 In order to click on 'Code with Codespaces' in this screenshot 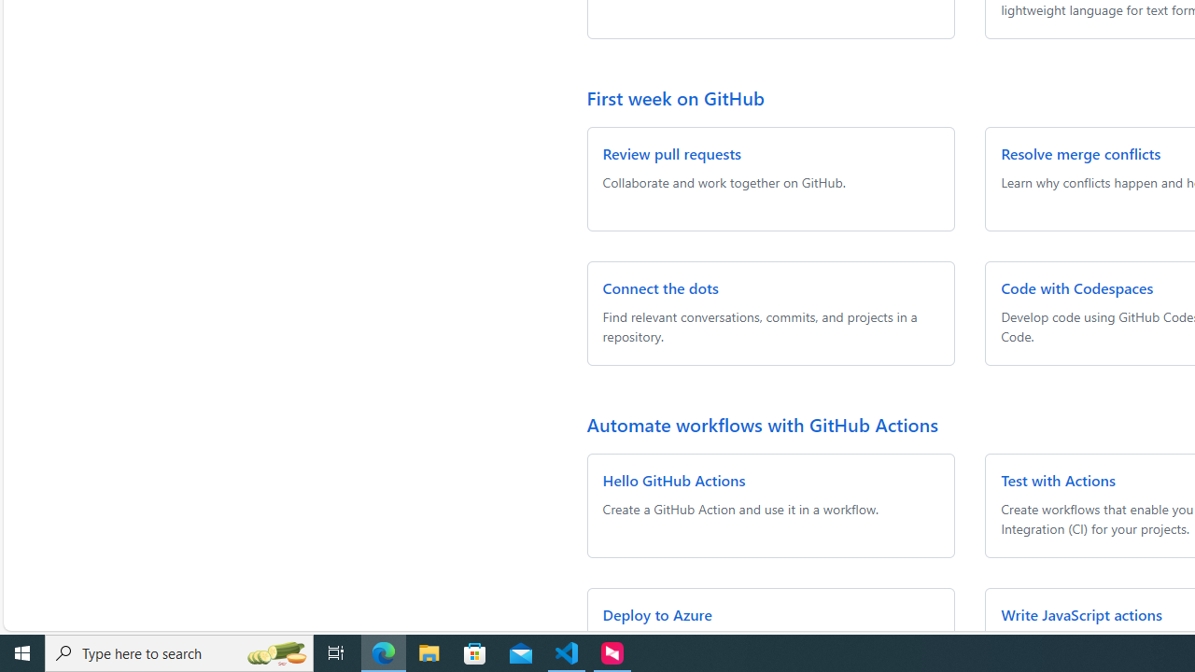, I will do `click(1077, 287)`.